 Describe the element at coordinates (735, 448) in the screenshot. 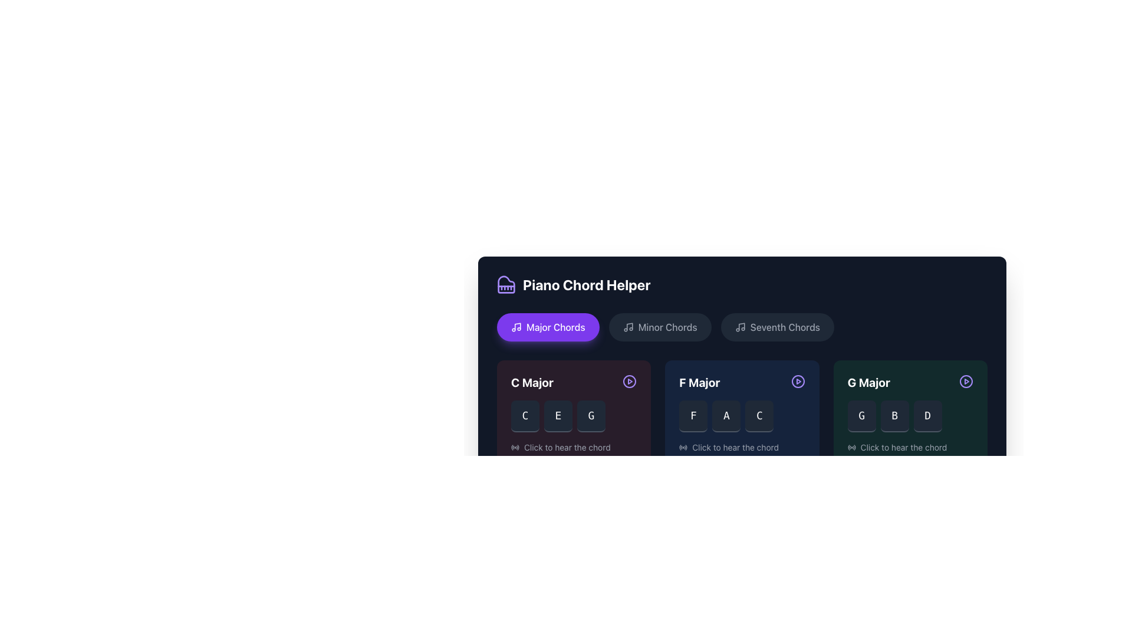

I see `the text label that serves as an instruction for the 'F Major' chord sound playback, located at the bottom of the 'F Major' chord card` at that location.